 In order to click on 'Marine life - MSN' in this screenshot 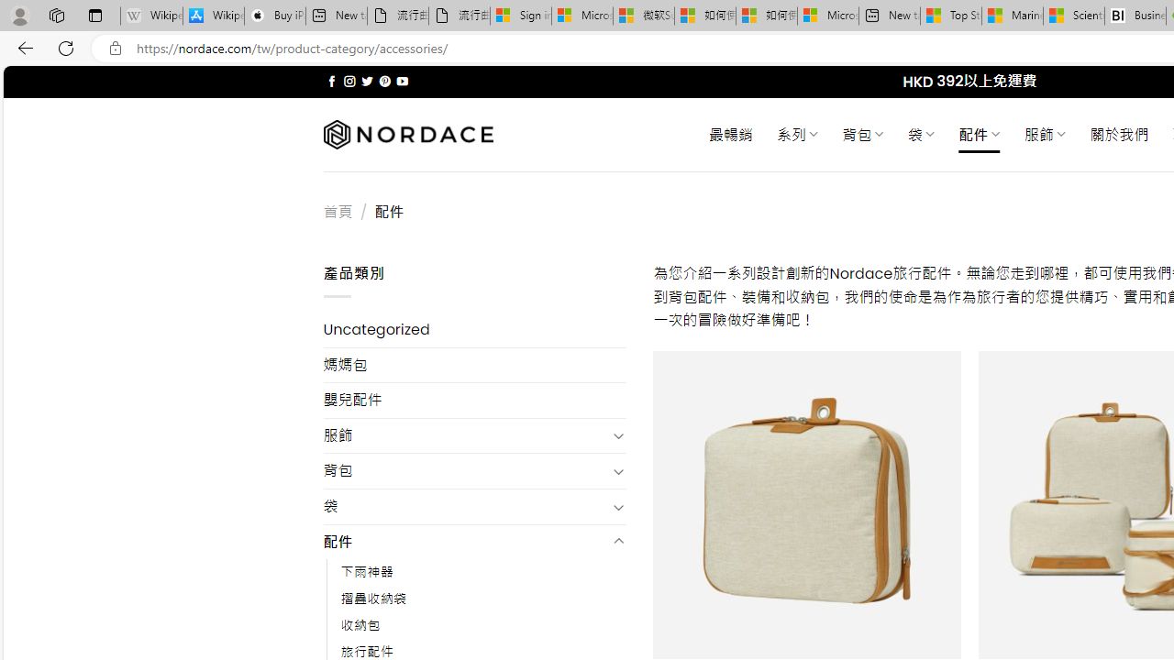, I will do `click(1012, 16)`.